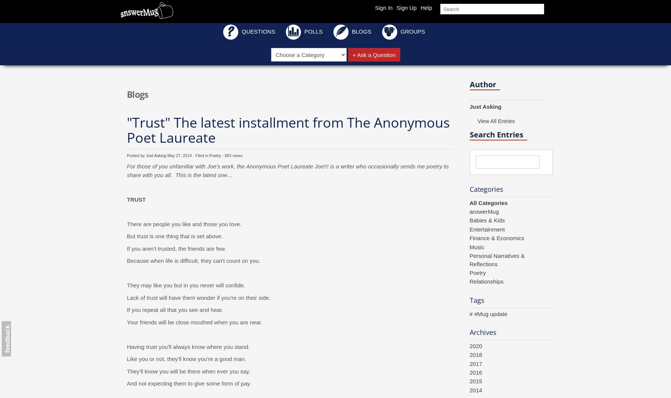 The image size is (671, 398). Describe the element at coordinates (469, 228) in the screenshot. I see `'Entertainment'` at that location.